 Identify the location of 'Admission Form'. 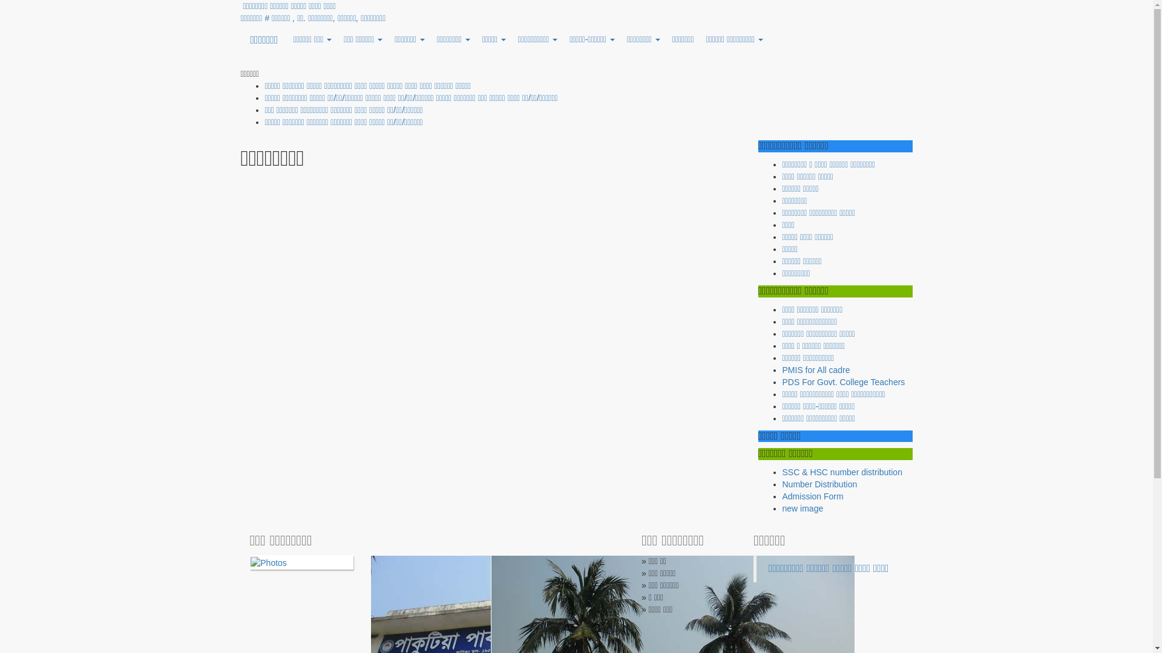
(812, 496).